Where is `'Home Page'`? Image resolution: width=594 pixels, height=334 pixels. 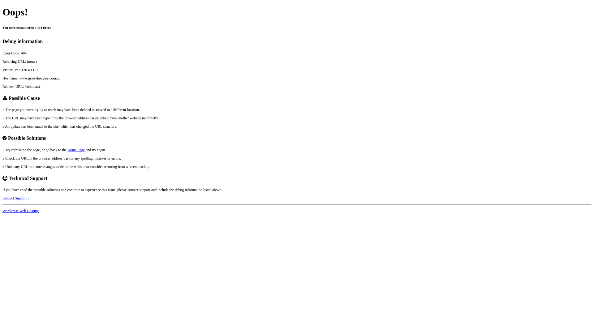 'Home Page' is located at coordinates (75, 150).